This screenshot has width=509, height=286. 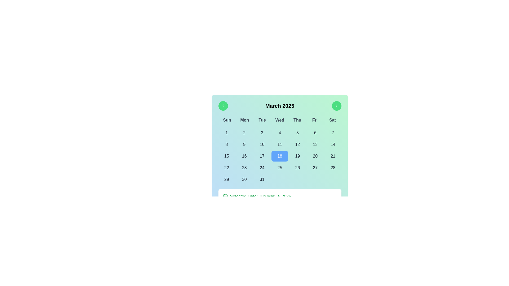 I want to click on the green circular icon button located in the upper left corner of the calendar interface to observe a visual change, so click(x=223, y=106).